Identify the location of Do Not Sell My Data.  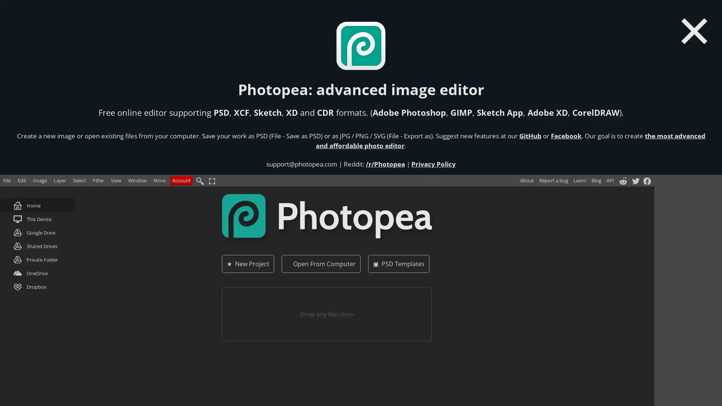
(50, 392).